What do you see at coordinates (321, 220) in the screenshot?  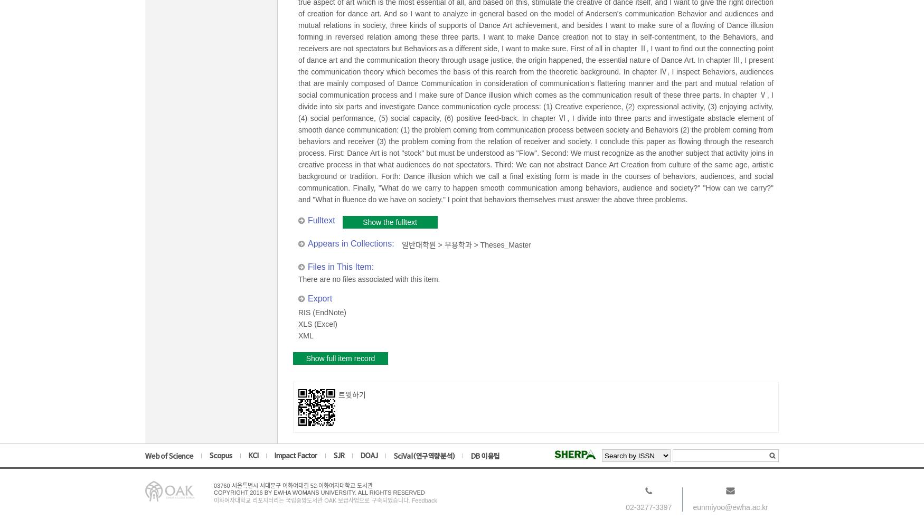 I see `'Fulltext'` at bounding box center [321, 220].